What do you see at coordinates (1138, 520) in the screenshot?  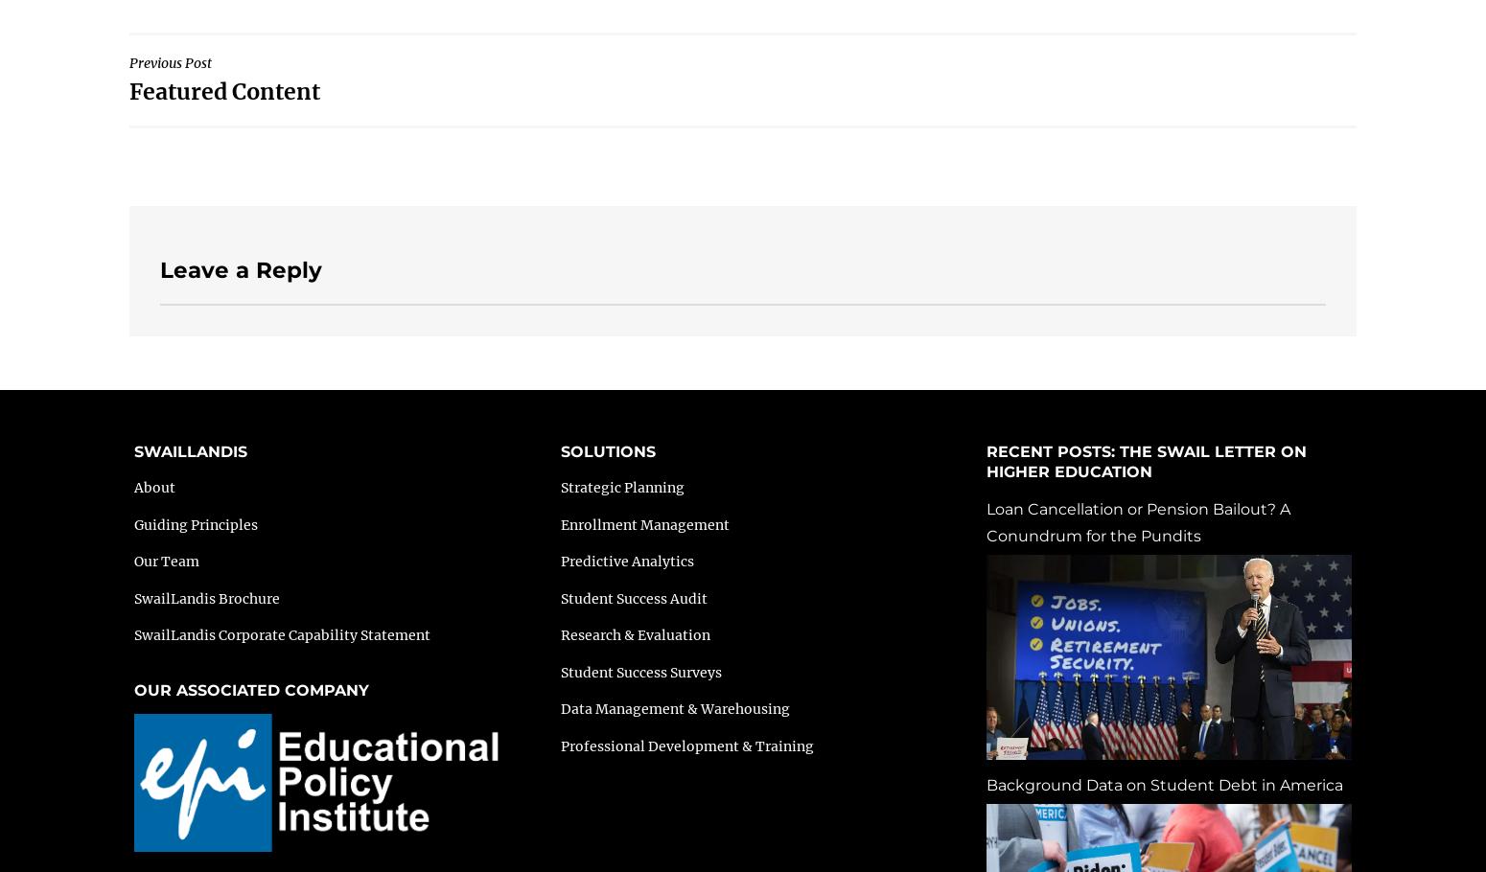 I see `'Loan Cancellation or Pension Bailout? A Conundrum for the Pundits'` at bounding box center [1138, 520].